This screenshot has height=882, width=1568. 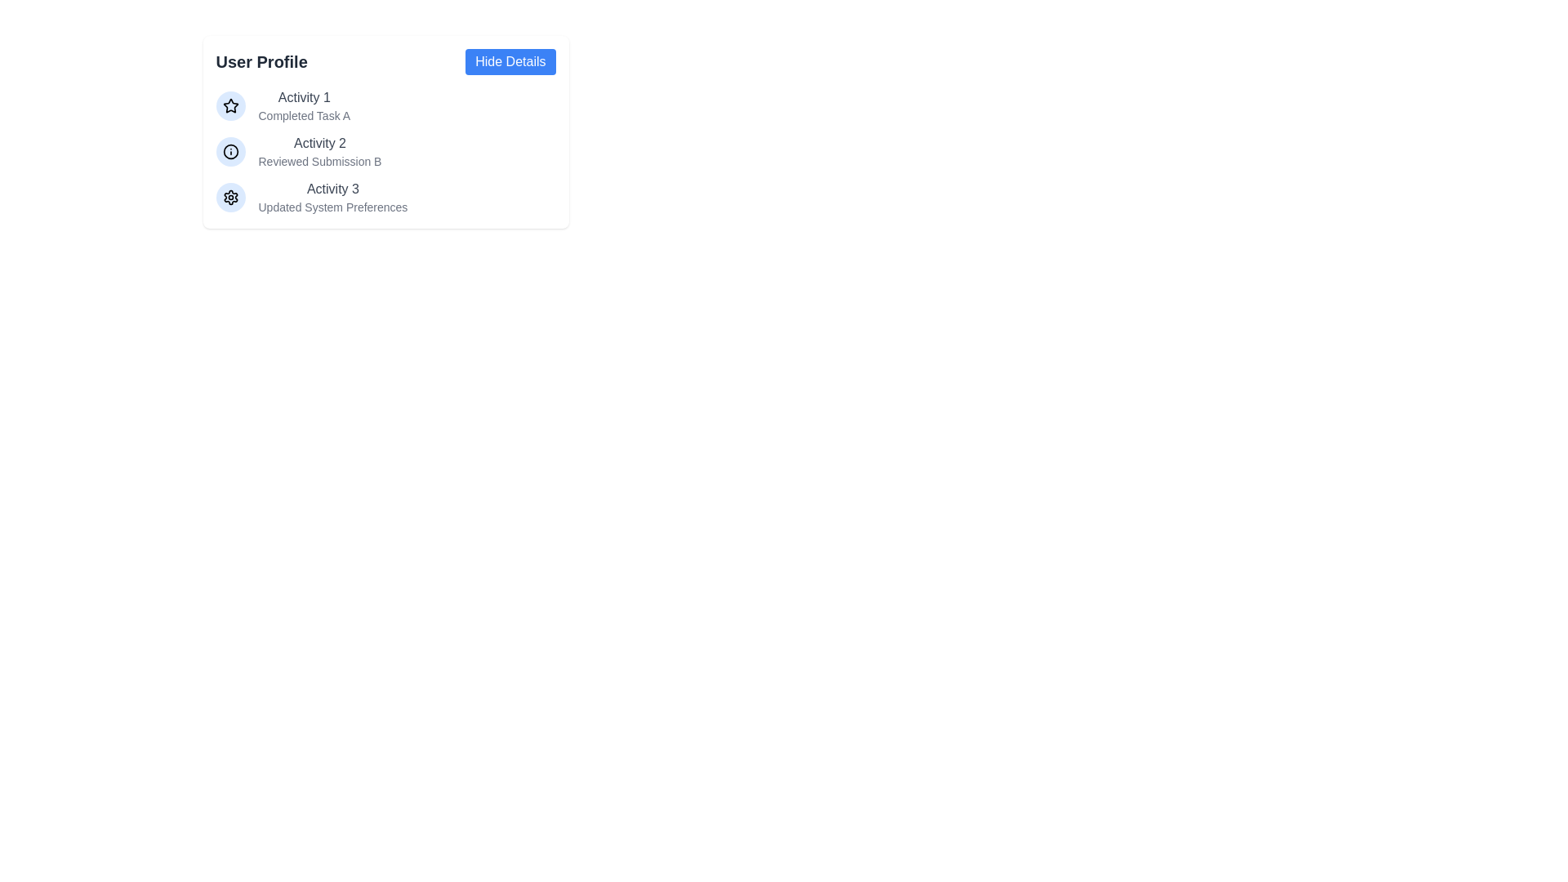 I want to click on the star icon, which serves as a visual indicator for 'Activity 1' in the User Profile section, positioned to the left of the label, so click(x=229, y=105).